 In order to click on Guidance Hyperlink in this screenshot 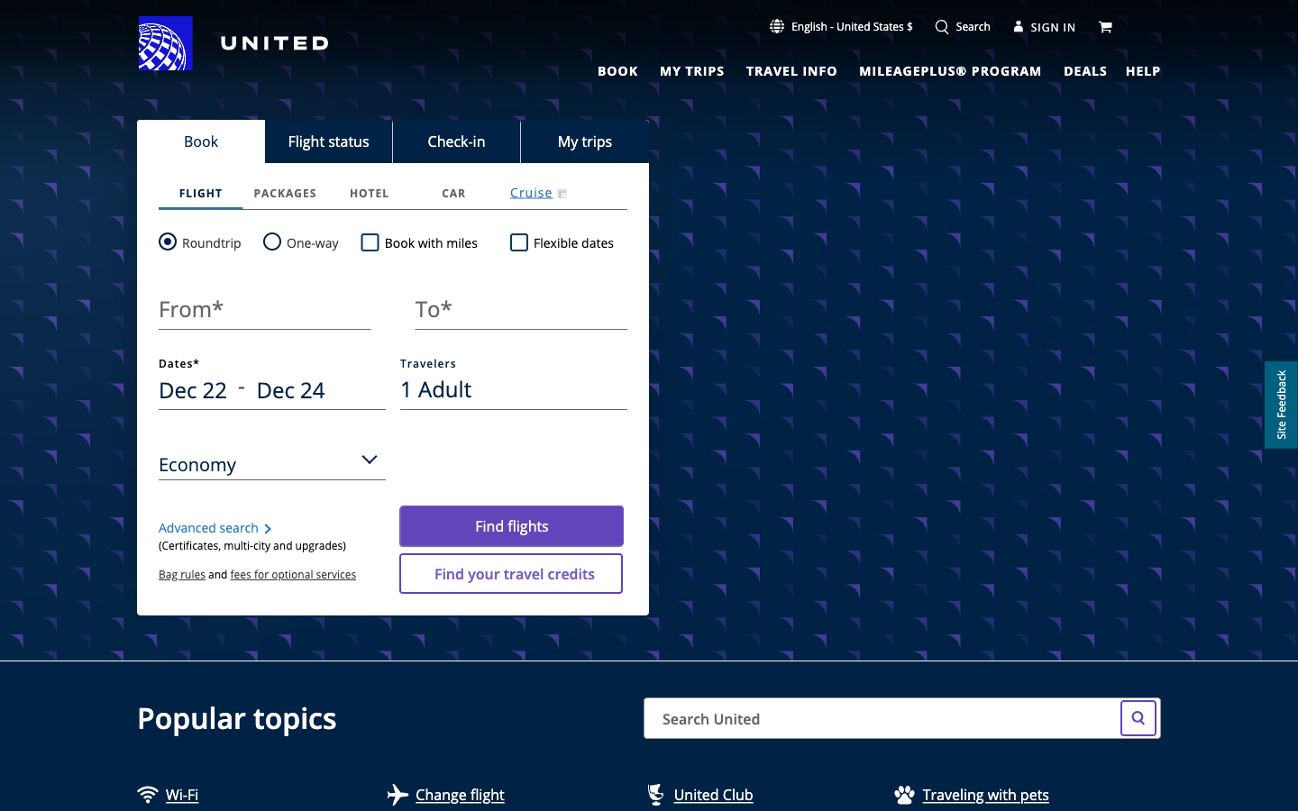, I will do `click(1143, 68)`.